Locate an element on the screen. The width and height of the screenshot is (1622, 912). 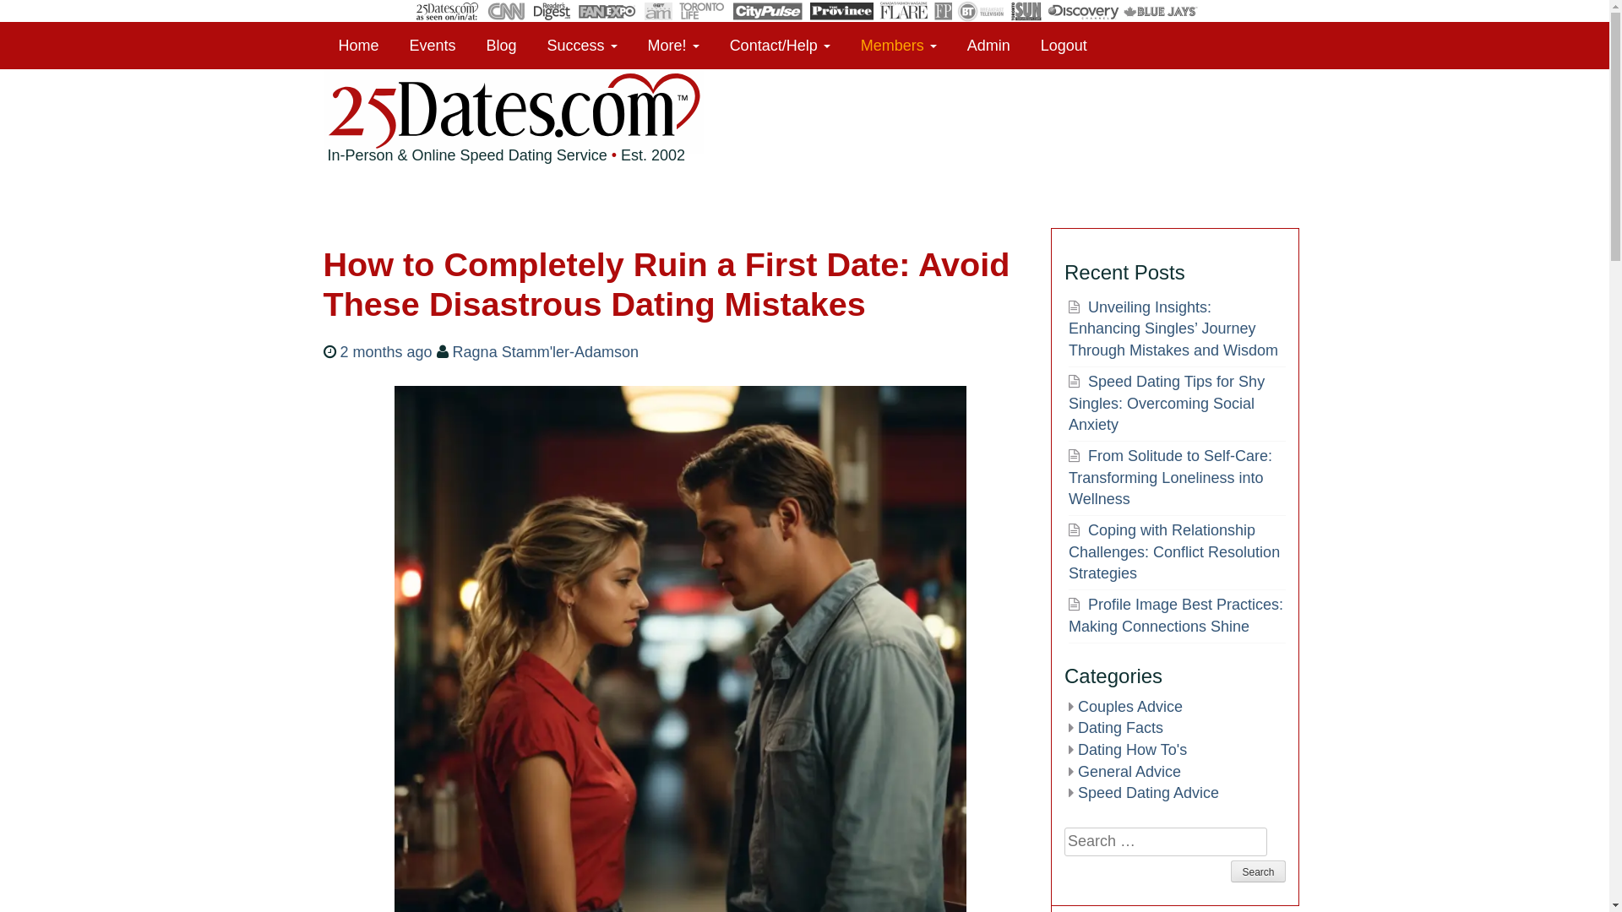
'Members' is located at coordinates (898, 45).